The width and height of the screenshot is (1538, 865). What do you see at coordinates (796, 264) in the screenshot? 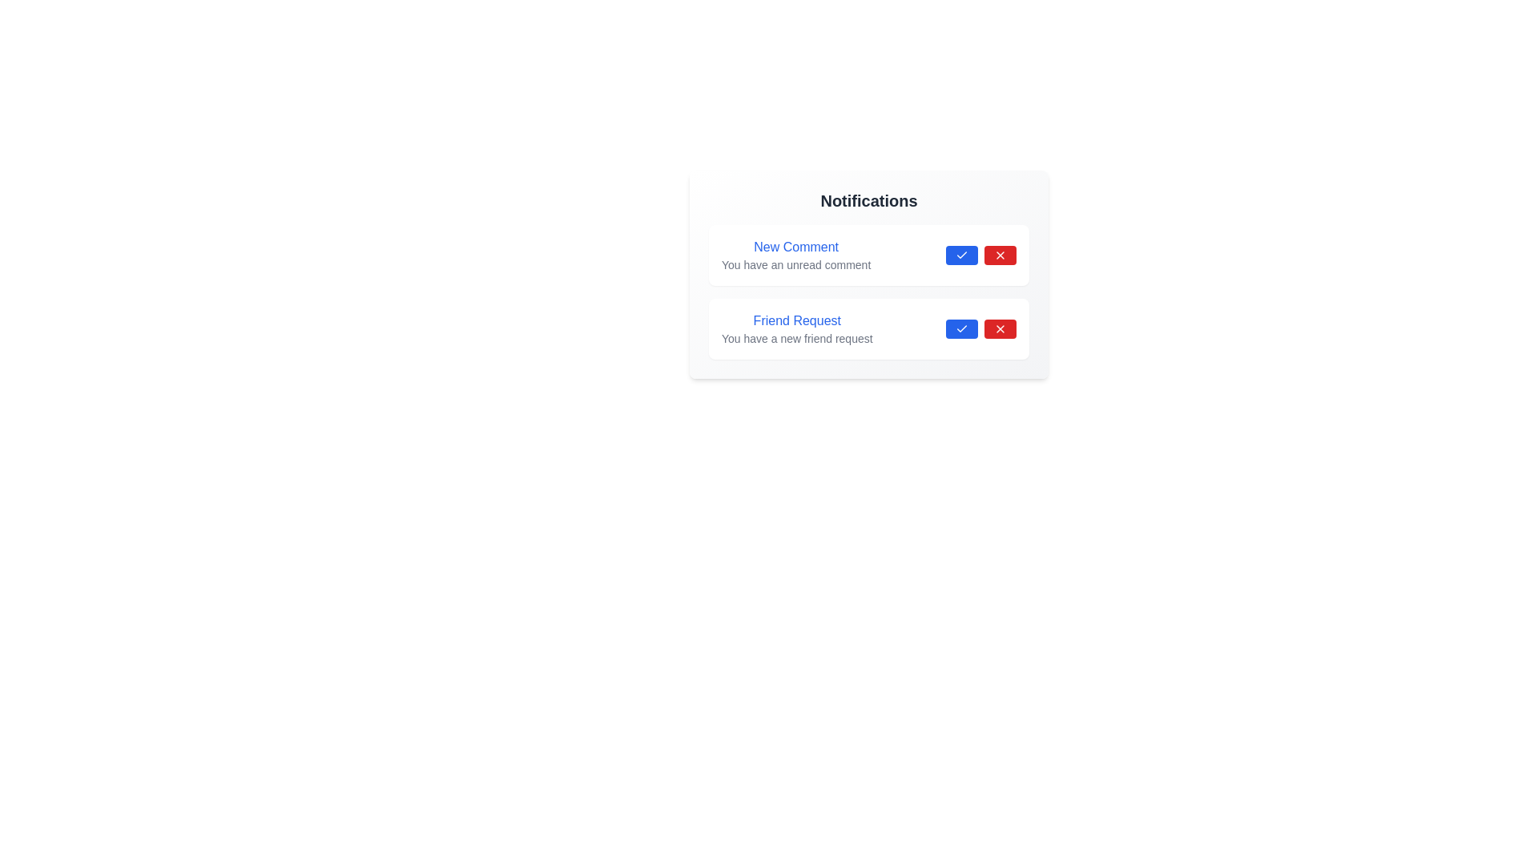
I see `the text label that states 'You have an unread comment', which is styled in a smaller gray font and located directly below the primary text 'New Comment'` at bounding box center [796, 264].